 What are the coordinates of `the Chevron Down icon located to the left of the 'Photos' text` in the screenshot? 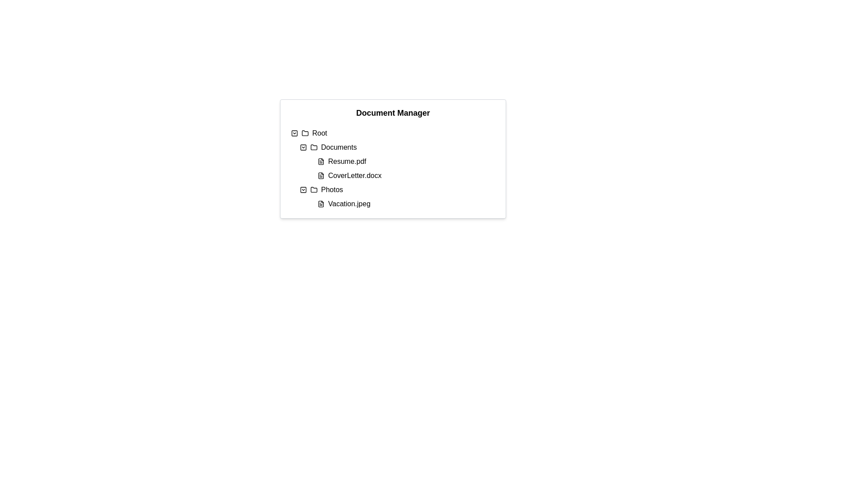 It's located at (303, 189).